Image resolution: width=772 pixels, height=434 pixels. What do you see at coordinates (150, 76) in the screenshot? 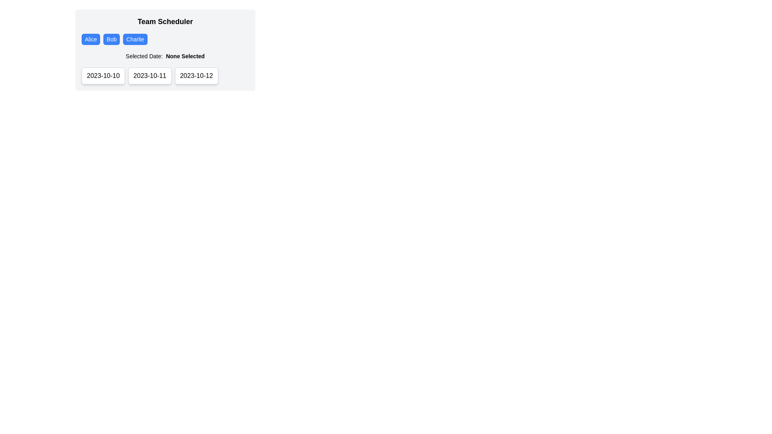
I see `the second date selection button for '2023-10-11' using keyboard navigation, located under the 'Team Scheduler' section` at bounding box center [150, 76].